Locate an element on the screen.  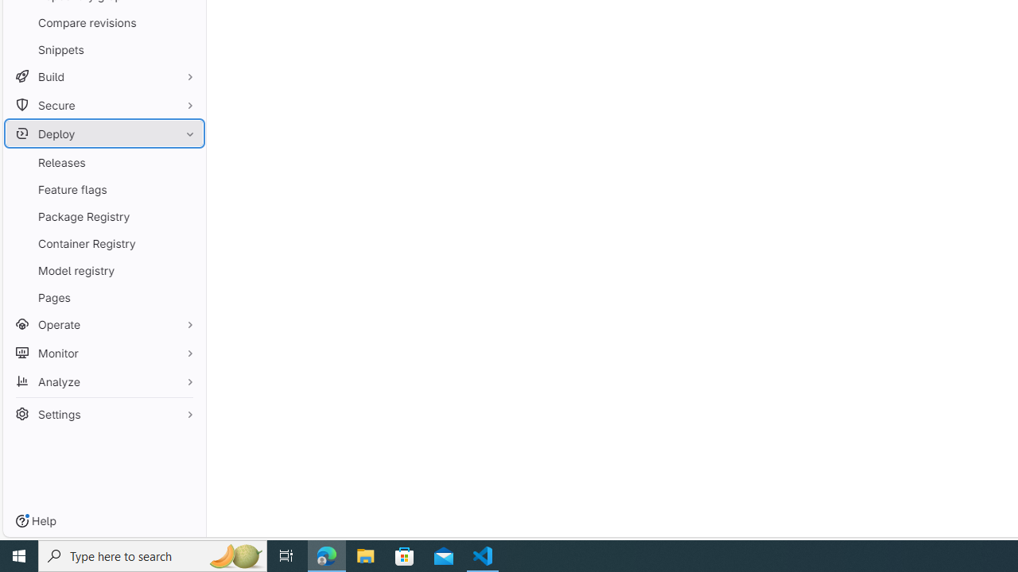
'Build' is located at coordinates (103, 76).